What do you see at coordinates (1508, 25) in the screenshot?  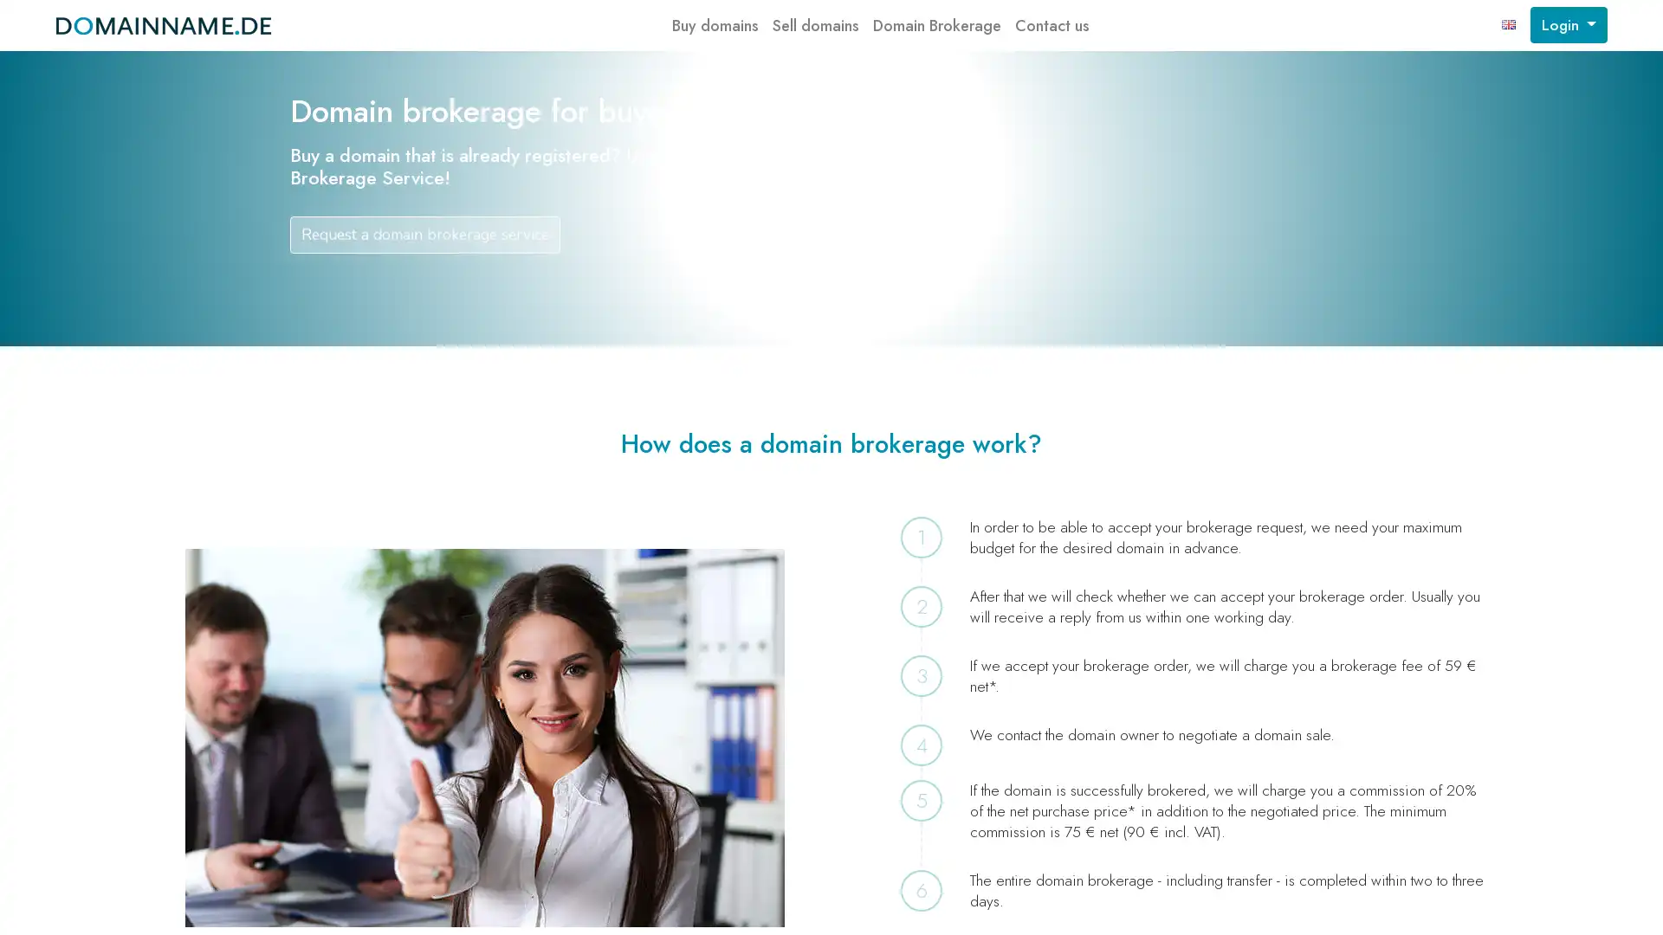 I see `english` at bounding box center [1508, 25].